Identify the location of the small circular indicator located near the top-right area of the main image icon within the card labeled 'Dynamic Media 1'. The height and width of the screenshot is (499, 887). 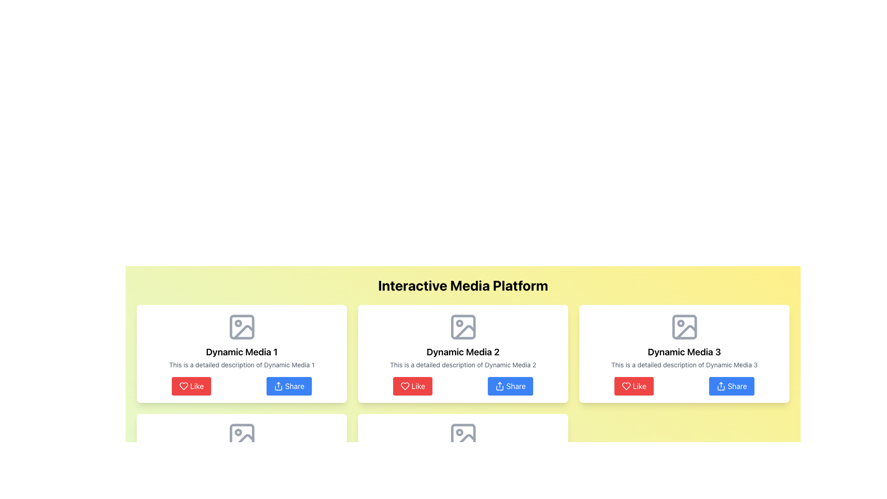
(238, 323).